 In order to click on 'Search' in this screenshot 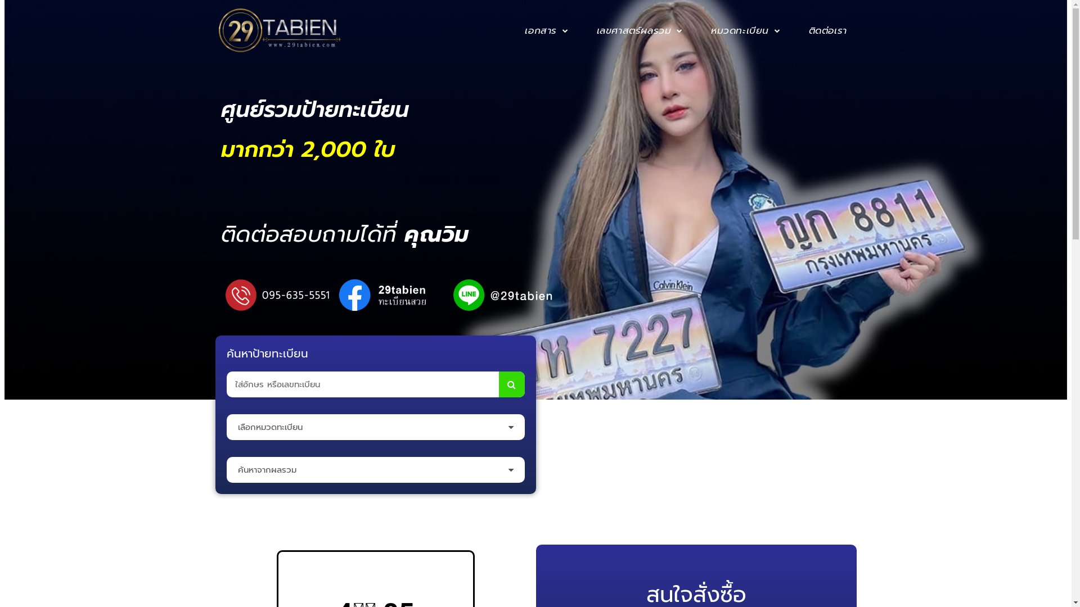, I will do `click(510, 383)`.